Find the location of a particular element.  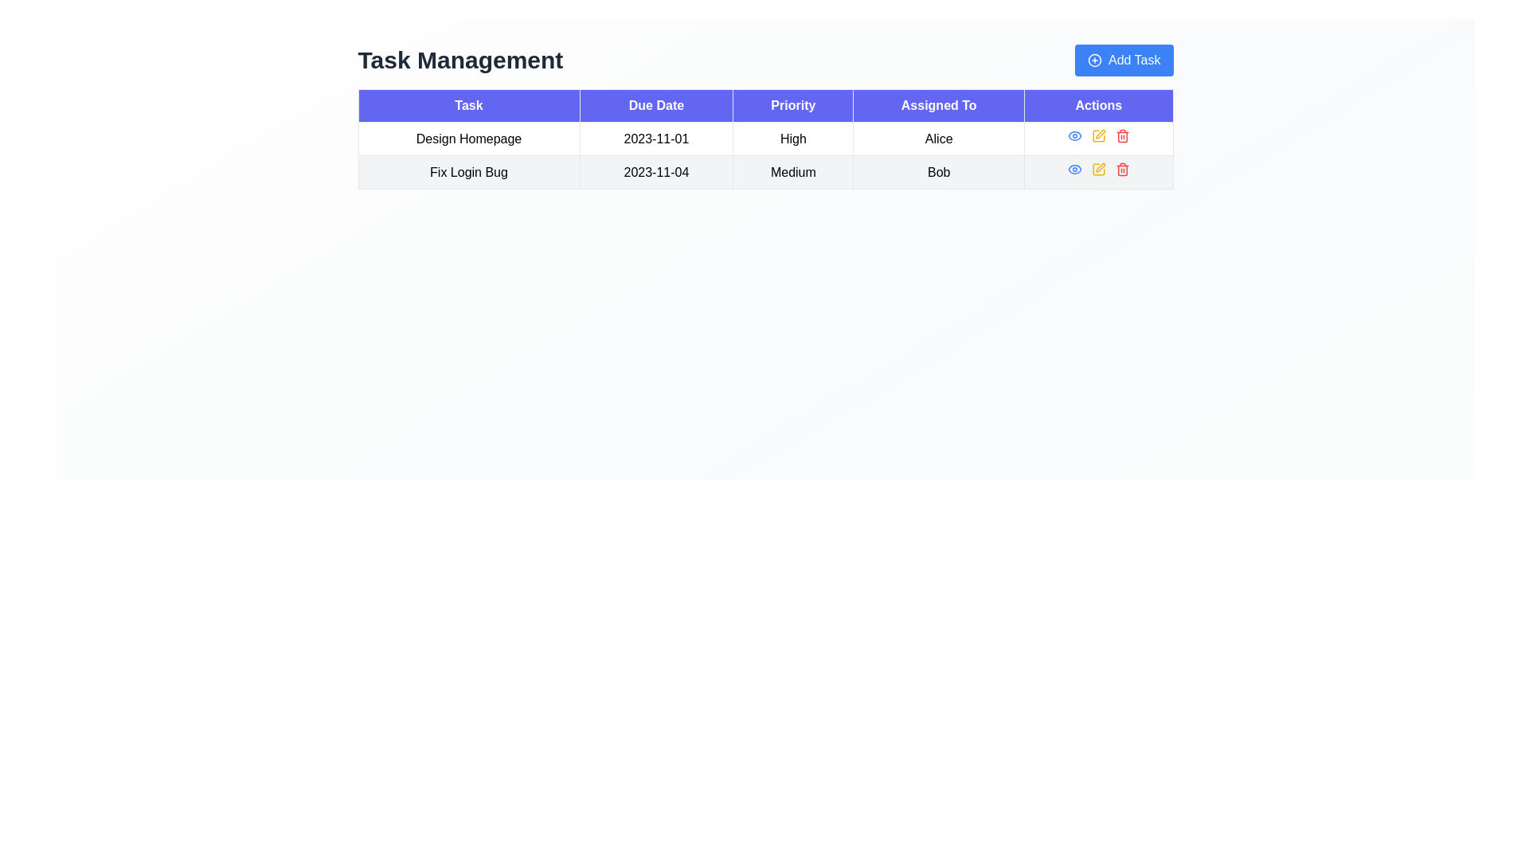

the table cell displaying the text 'High', which is located in the first row and third column under the 'Priority' header is located at coordinates (793, 138).